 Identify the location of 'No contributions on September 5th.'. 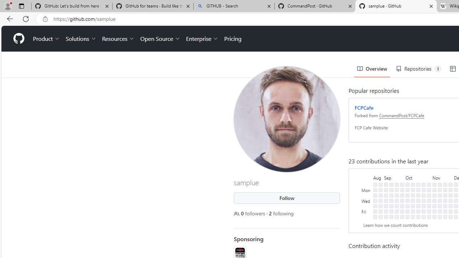
(385, 195).